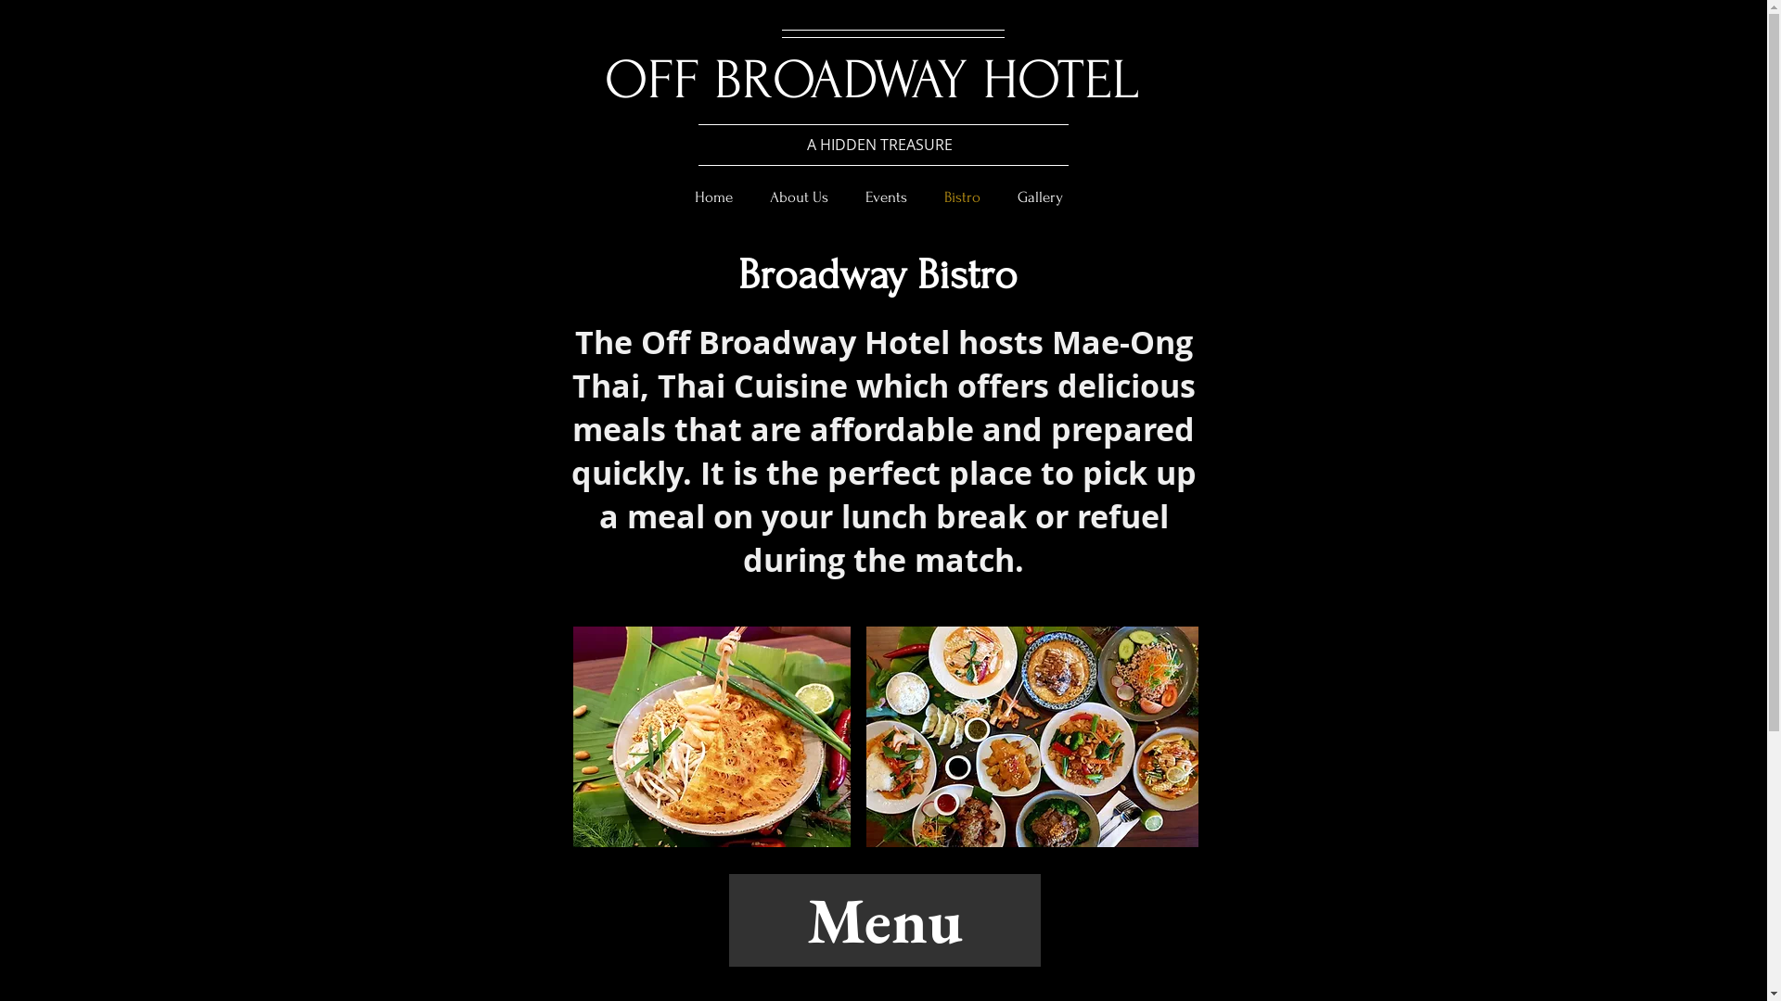 The image size is (1781, 1001). I want to click on 'OFF BROADWAY HOTEL', so click(870, 79).